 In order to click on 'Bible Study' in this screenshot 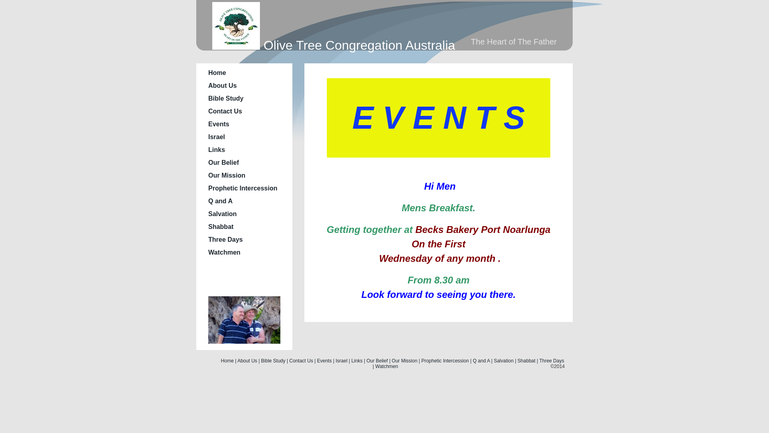, I will do `click(273, 360)`.